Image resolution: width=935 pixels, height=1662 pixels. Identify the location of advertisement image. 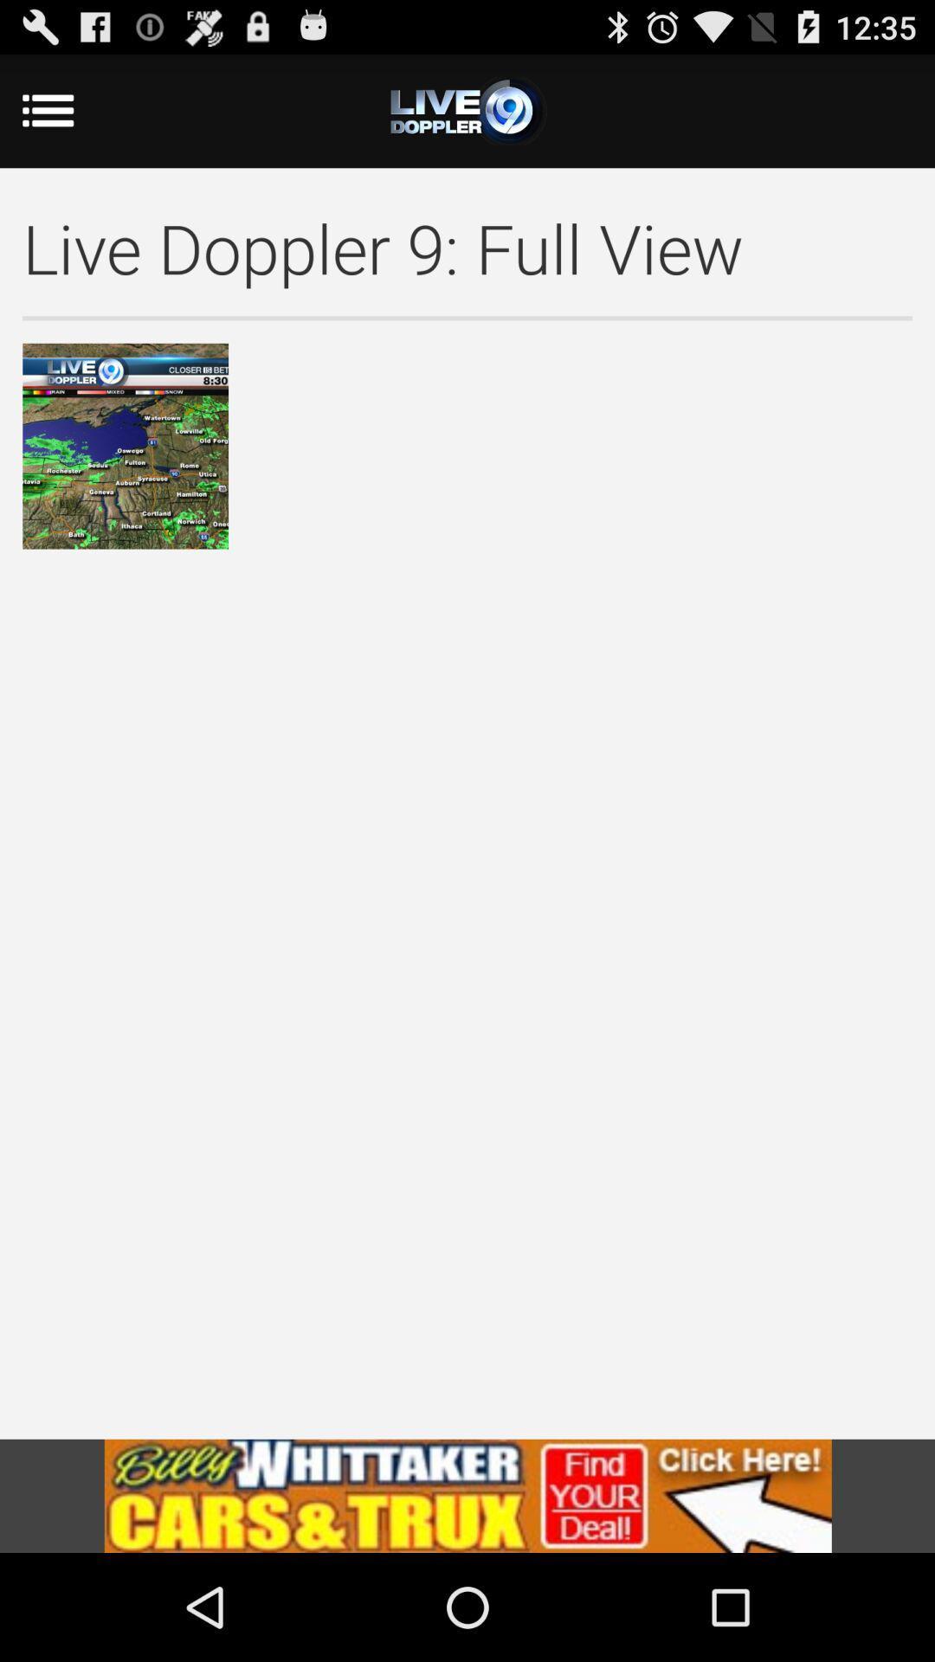
(467, 1495).